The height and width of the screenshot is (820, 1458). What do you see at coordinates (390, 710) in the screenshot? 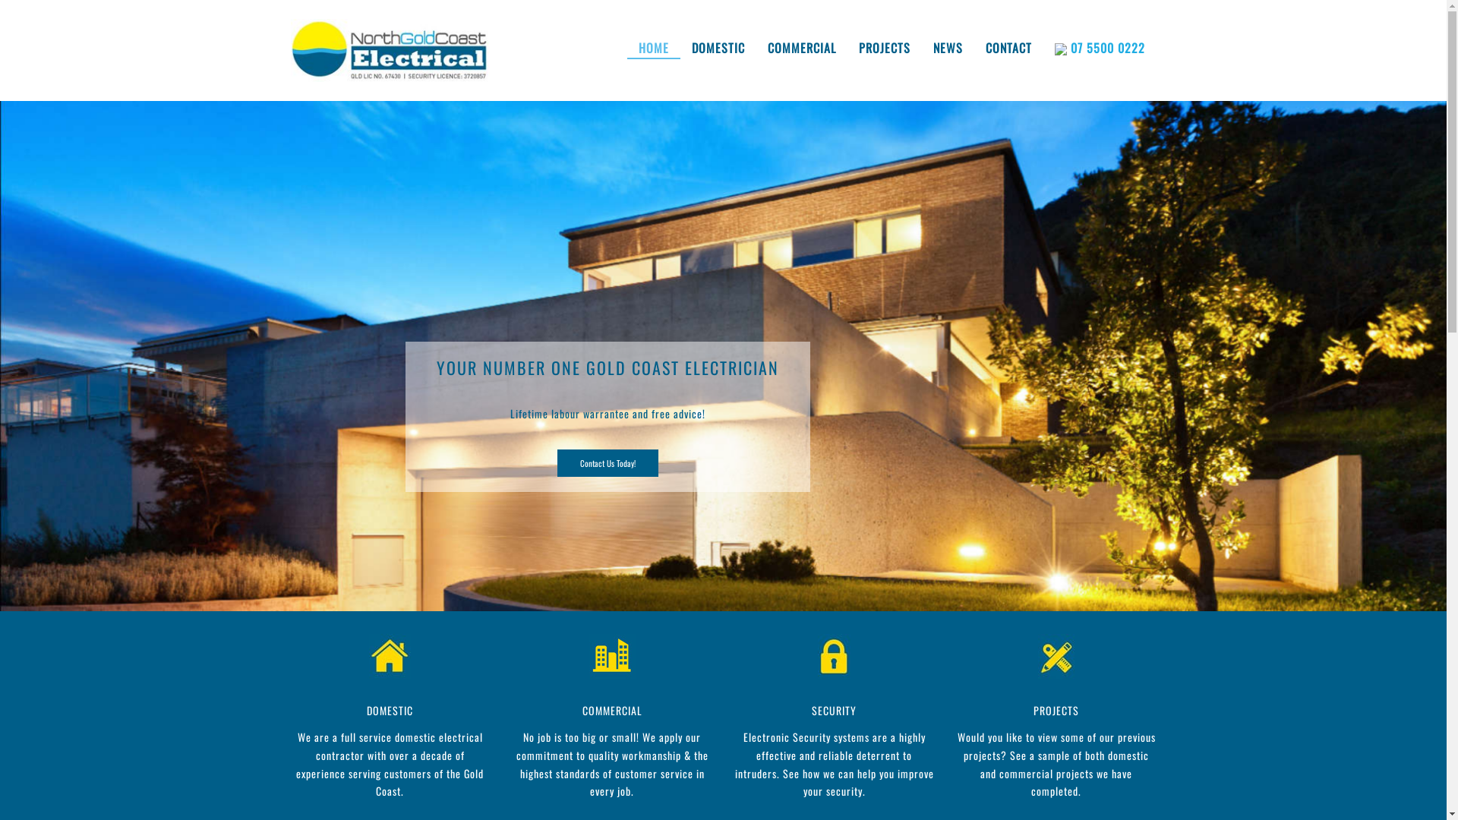
I see `'DOMESTIC'` at bounding box center [390, 710].